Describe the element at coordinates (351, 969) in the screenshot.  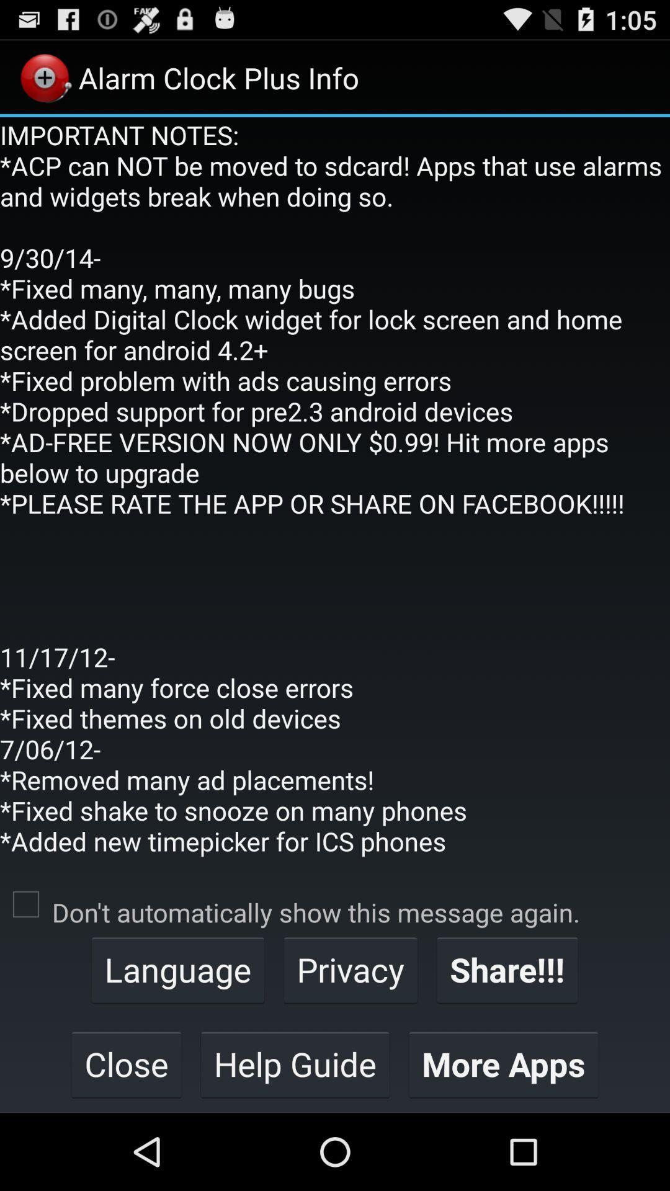
I see `button above help guide item` at that location.